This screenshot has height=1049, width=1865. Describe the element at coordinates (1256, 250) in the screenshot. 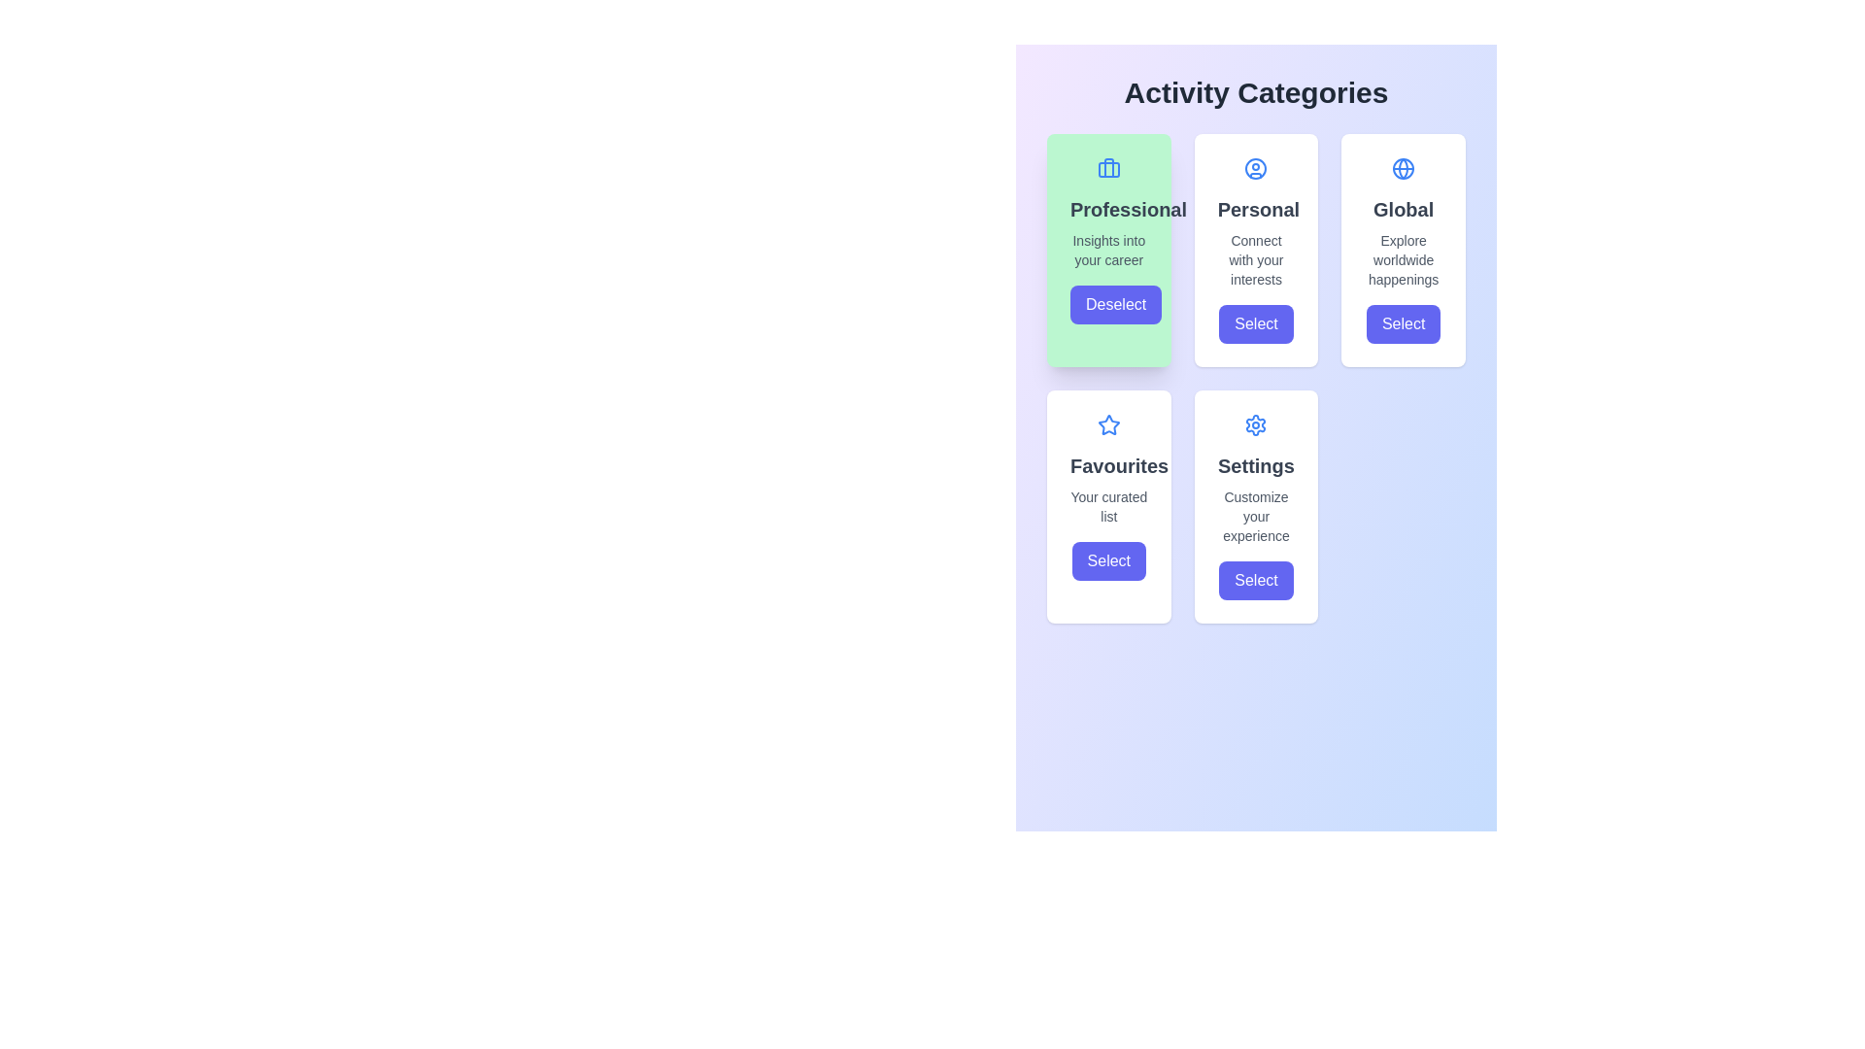

I see `title 'Personal' and subtitle on the second card in the first row of the grid layout, which serves as a navigational tool for user preference` at that location.